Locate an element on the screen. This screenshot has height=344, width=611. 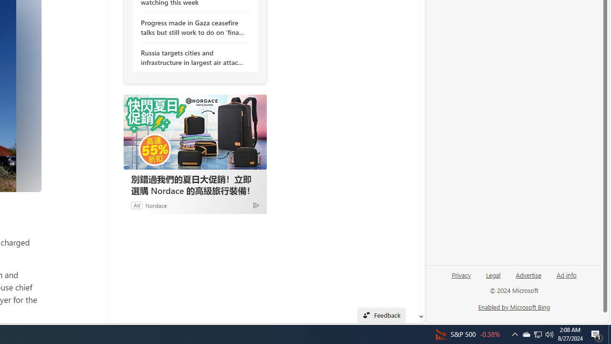
'Advertise' is located at coordinates (528, 279).